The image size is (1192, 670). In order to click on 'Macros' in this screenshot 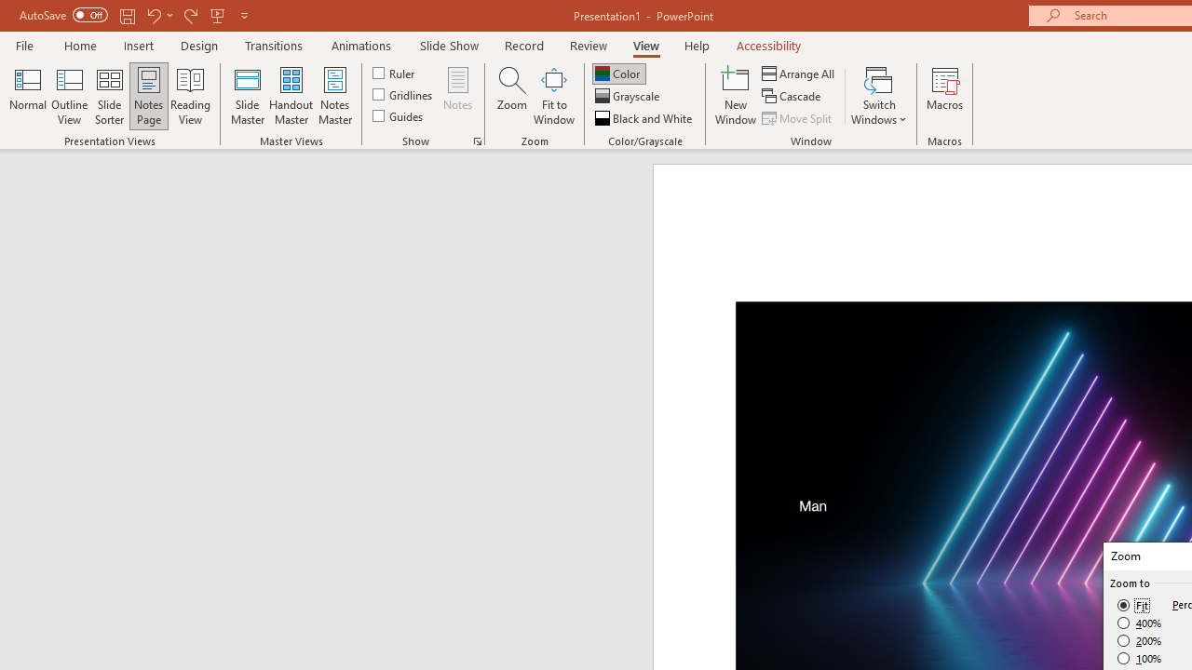, I will do `click(945, 96)`.